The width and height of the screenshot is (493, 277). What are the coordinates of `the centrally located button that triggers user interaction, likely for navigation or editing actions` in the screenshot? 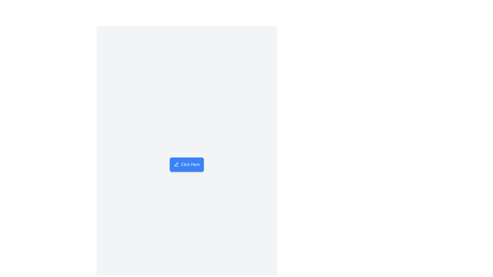 It's located at (186, 164).